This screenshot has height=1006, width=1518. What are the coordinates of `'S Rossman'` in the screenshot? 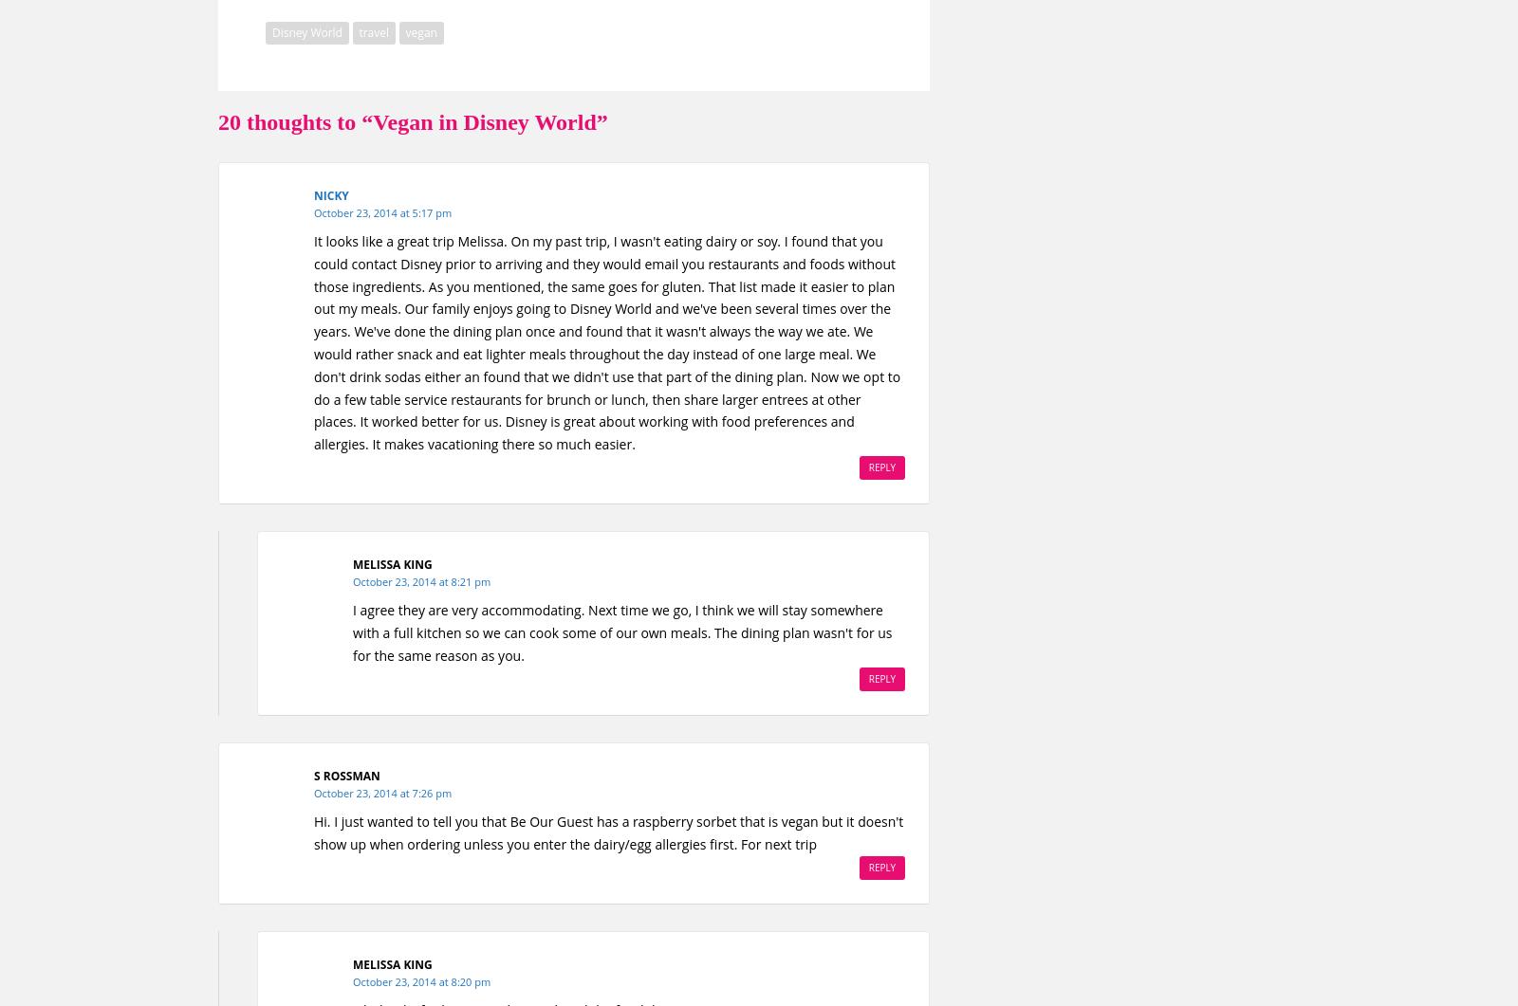 It's located at (314, 775).